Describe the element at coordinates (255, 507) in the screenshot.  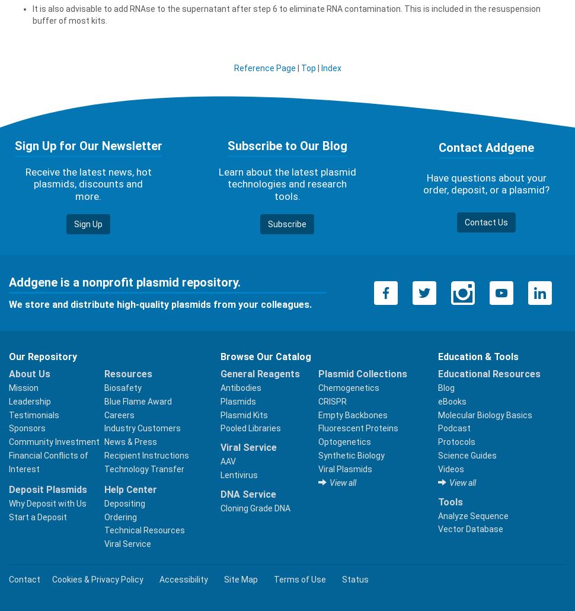
I see `'Cloning Grade DNA'` at that location.